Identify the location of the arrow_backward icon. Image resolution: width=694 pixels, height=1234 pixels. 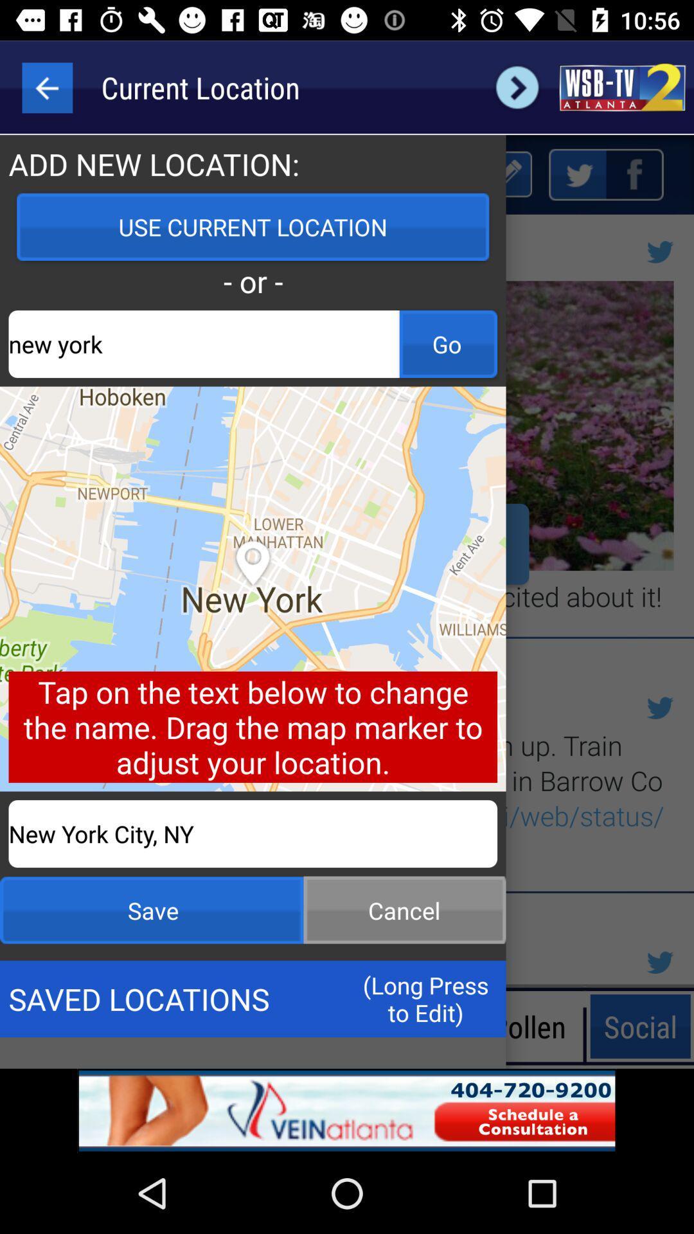
(46, 87).